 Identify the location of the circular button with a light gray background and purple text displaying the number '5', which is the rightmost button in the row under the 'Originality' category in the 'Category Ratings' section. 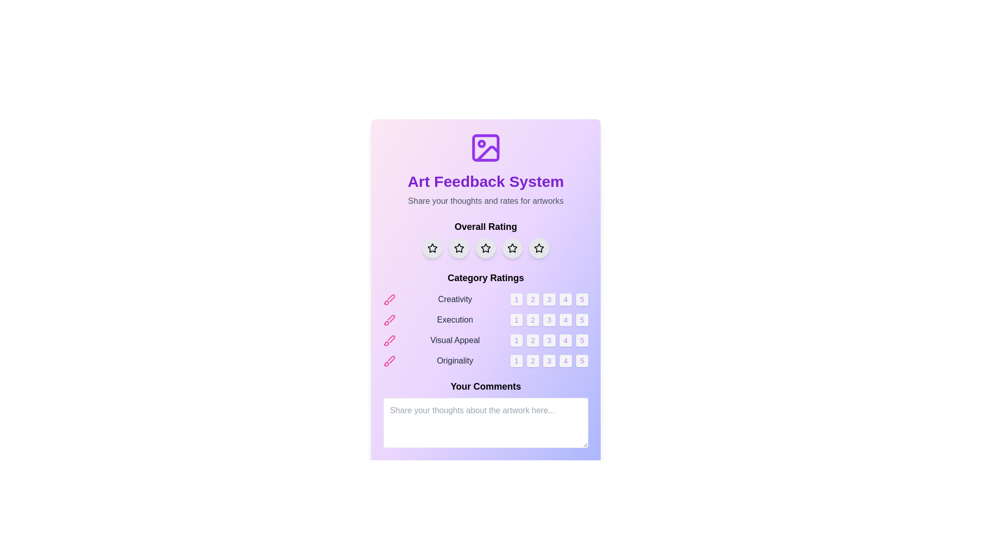
(582, 360).